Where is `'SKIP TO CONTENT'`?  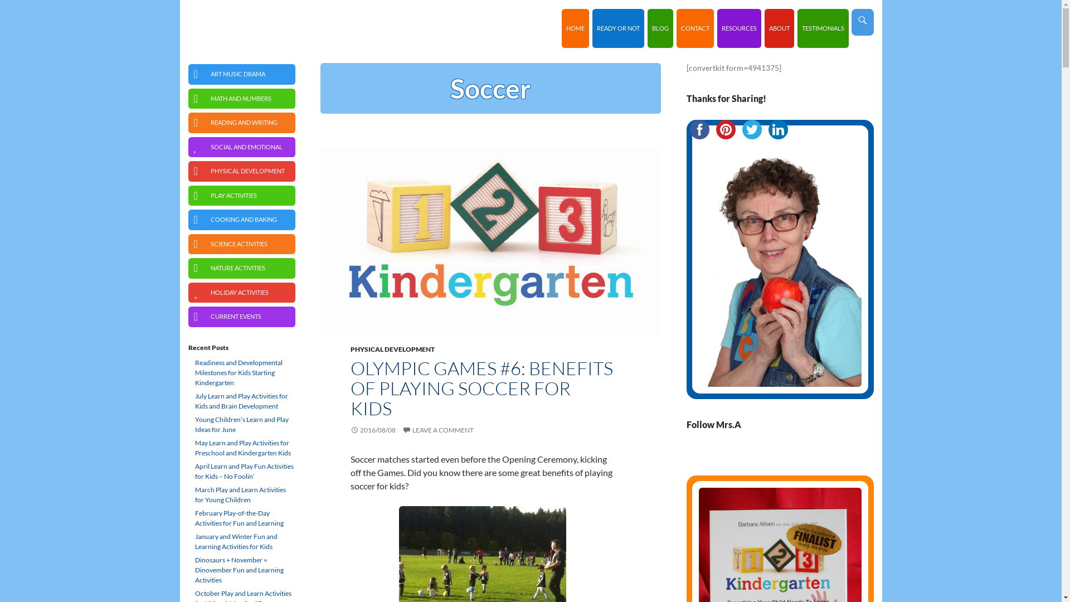 'SKIP TO CONTENT' is located at coordinates (566, 9).